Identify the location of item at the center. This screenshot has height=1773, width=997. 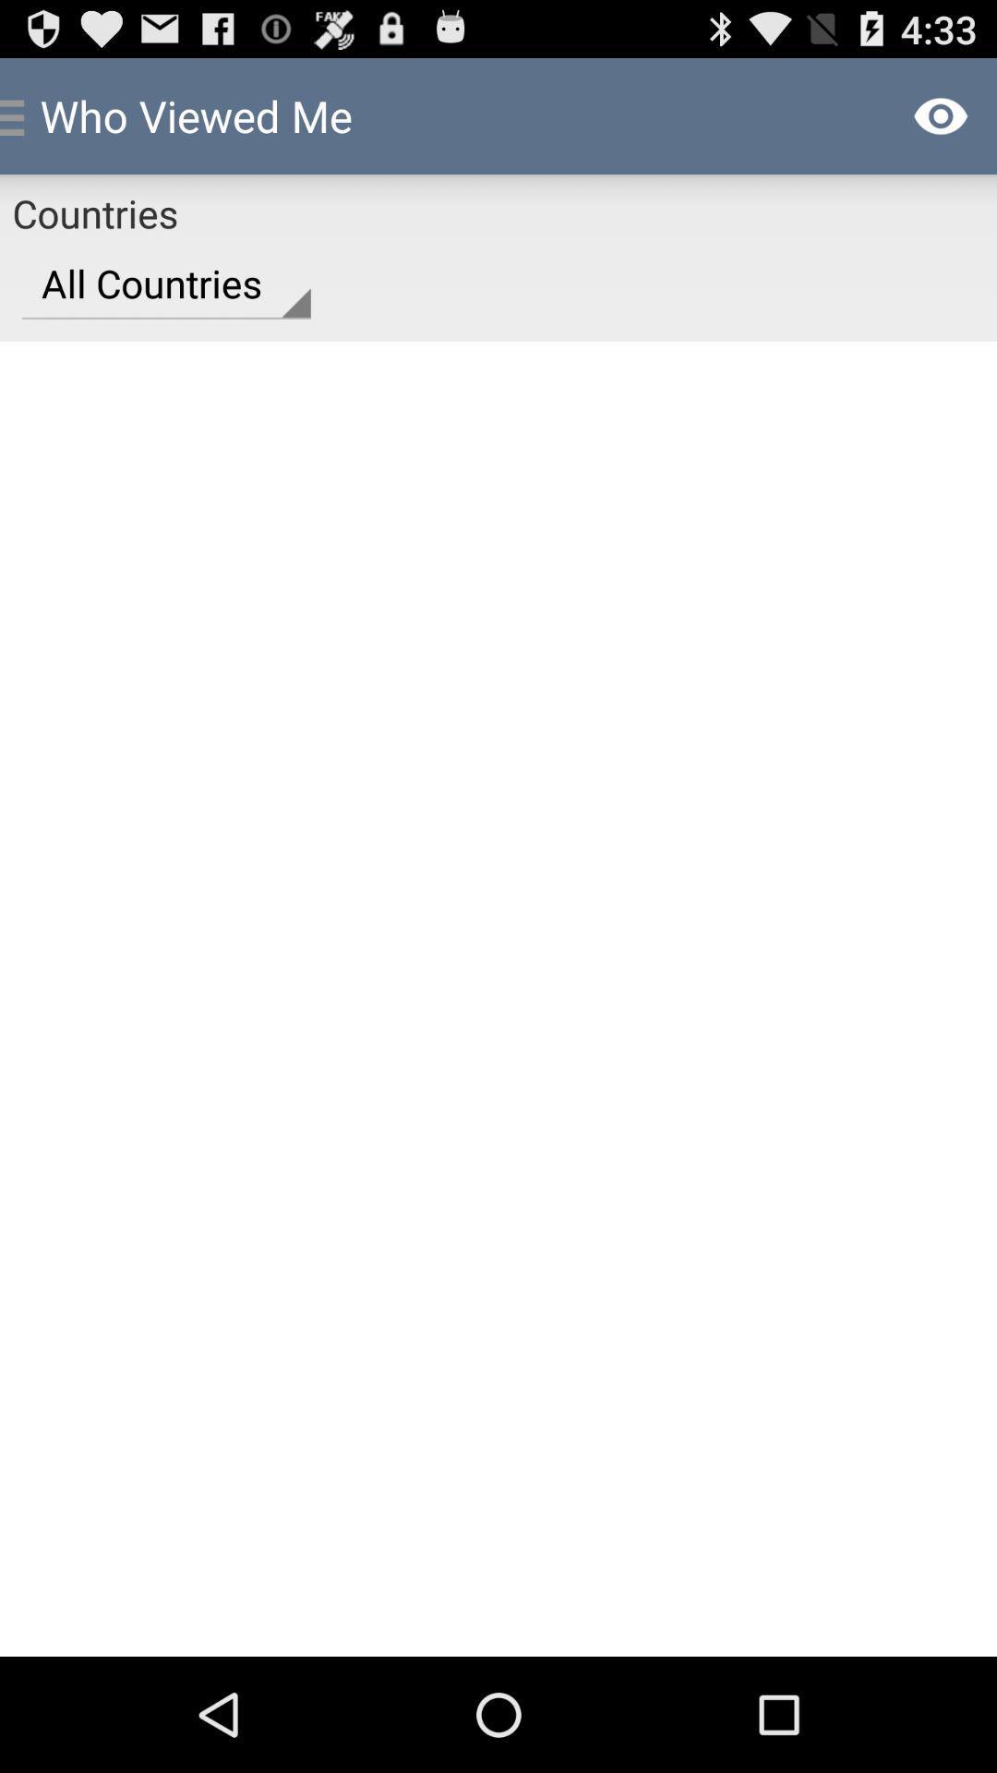
(498, 997).